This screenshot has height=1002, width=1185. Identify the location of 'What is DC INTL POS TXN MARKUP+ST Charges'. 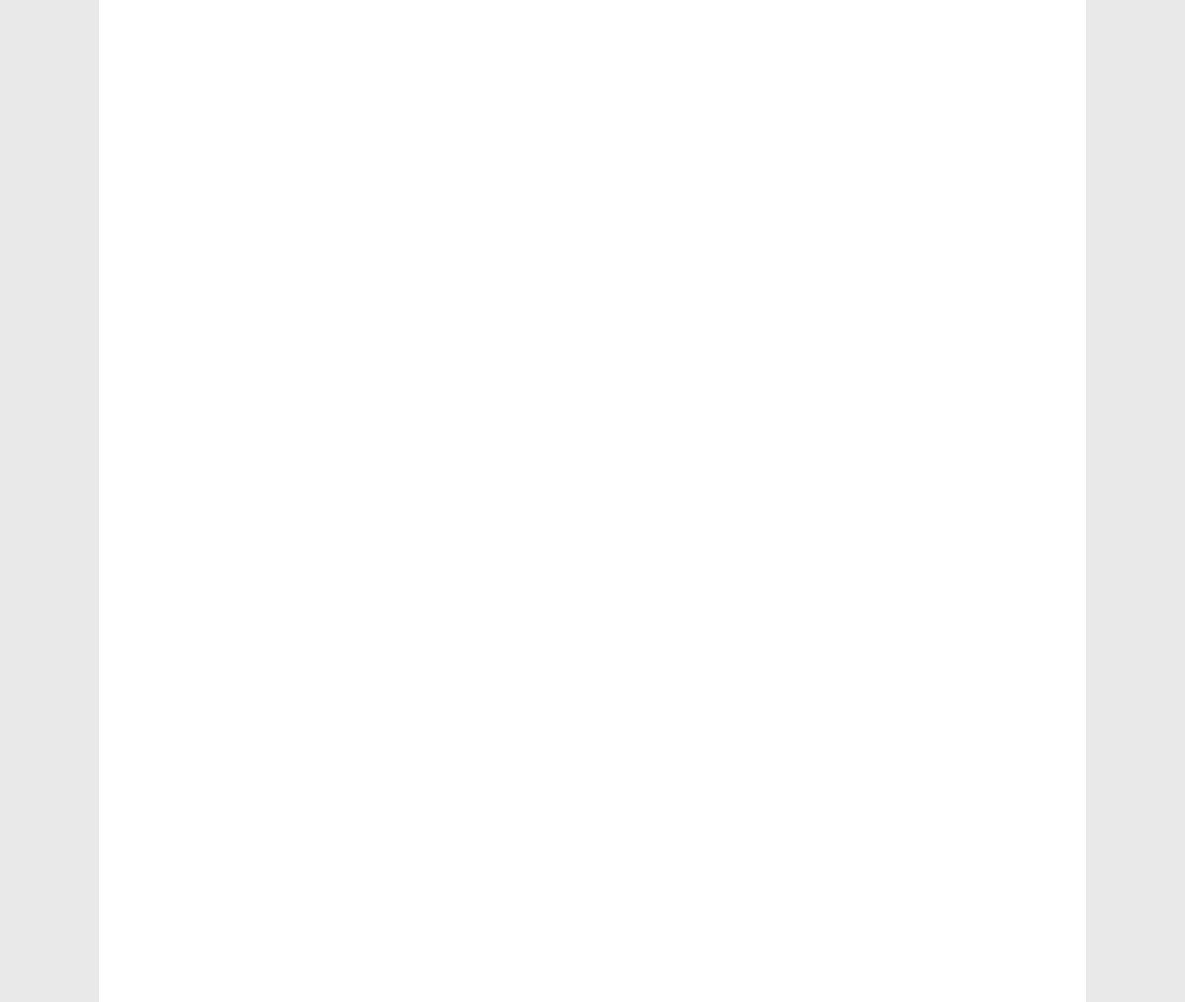
(928, 504).